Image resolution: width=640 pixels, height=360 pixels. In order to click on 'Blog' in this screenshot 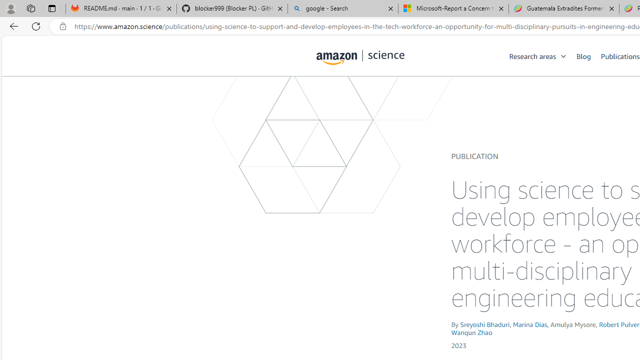, I will do `click(588, 55)`.